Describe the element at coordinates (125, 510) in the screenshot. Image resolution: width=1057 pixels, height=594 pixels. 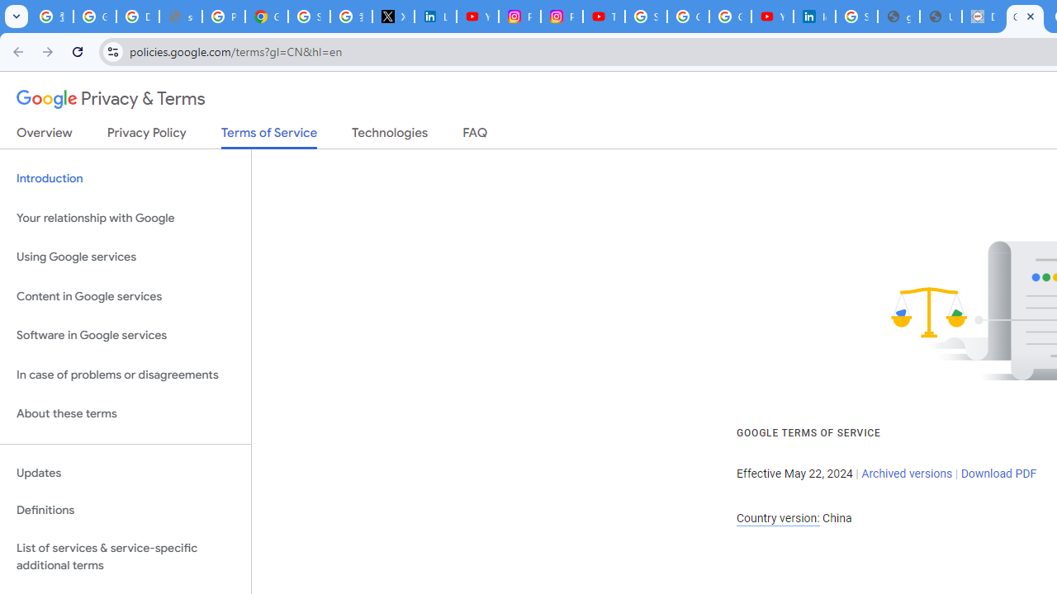
I see `'Definitions'` at that location.